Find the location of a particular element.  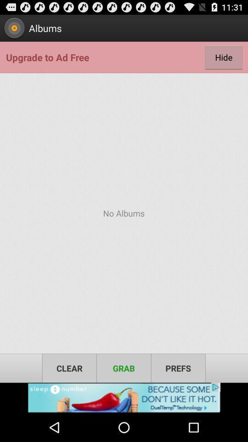

advertisement for sleep number is located at coordinates (124, 397).